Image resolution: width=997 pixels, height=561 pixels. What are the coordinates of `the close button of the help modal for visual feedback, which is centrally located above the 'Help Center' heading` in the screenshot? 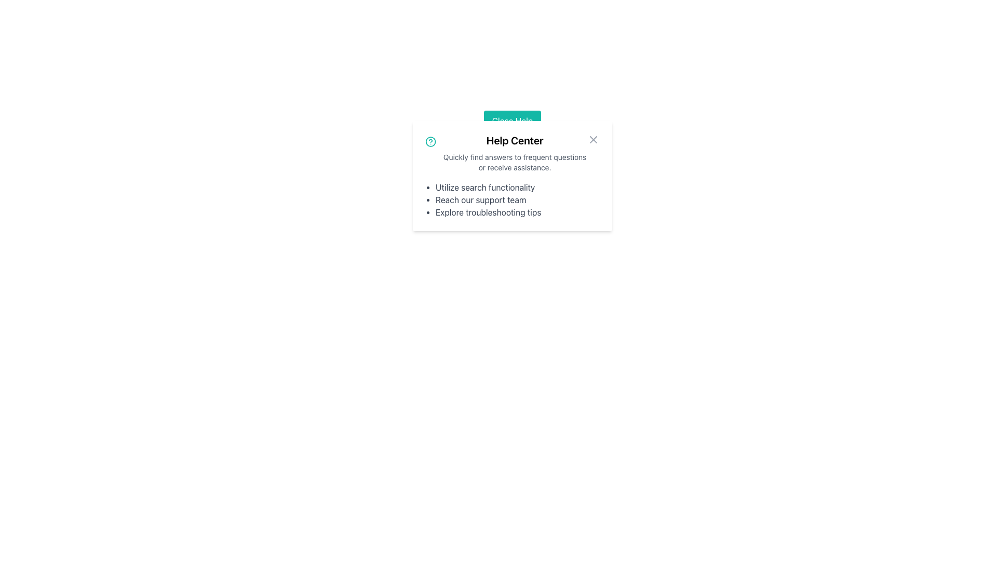 It's located at (513, 120).